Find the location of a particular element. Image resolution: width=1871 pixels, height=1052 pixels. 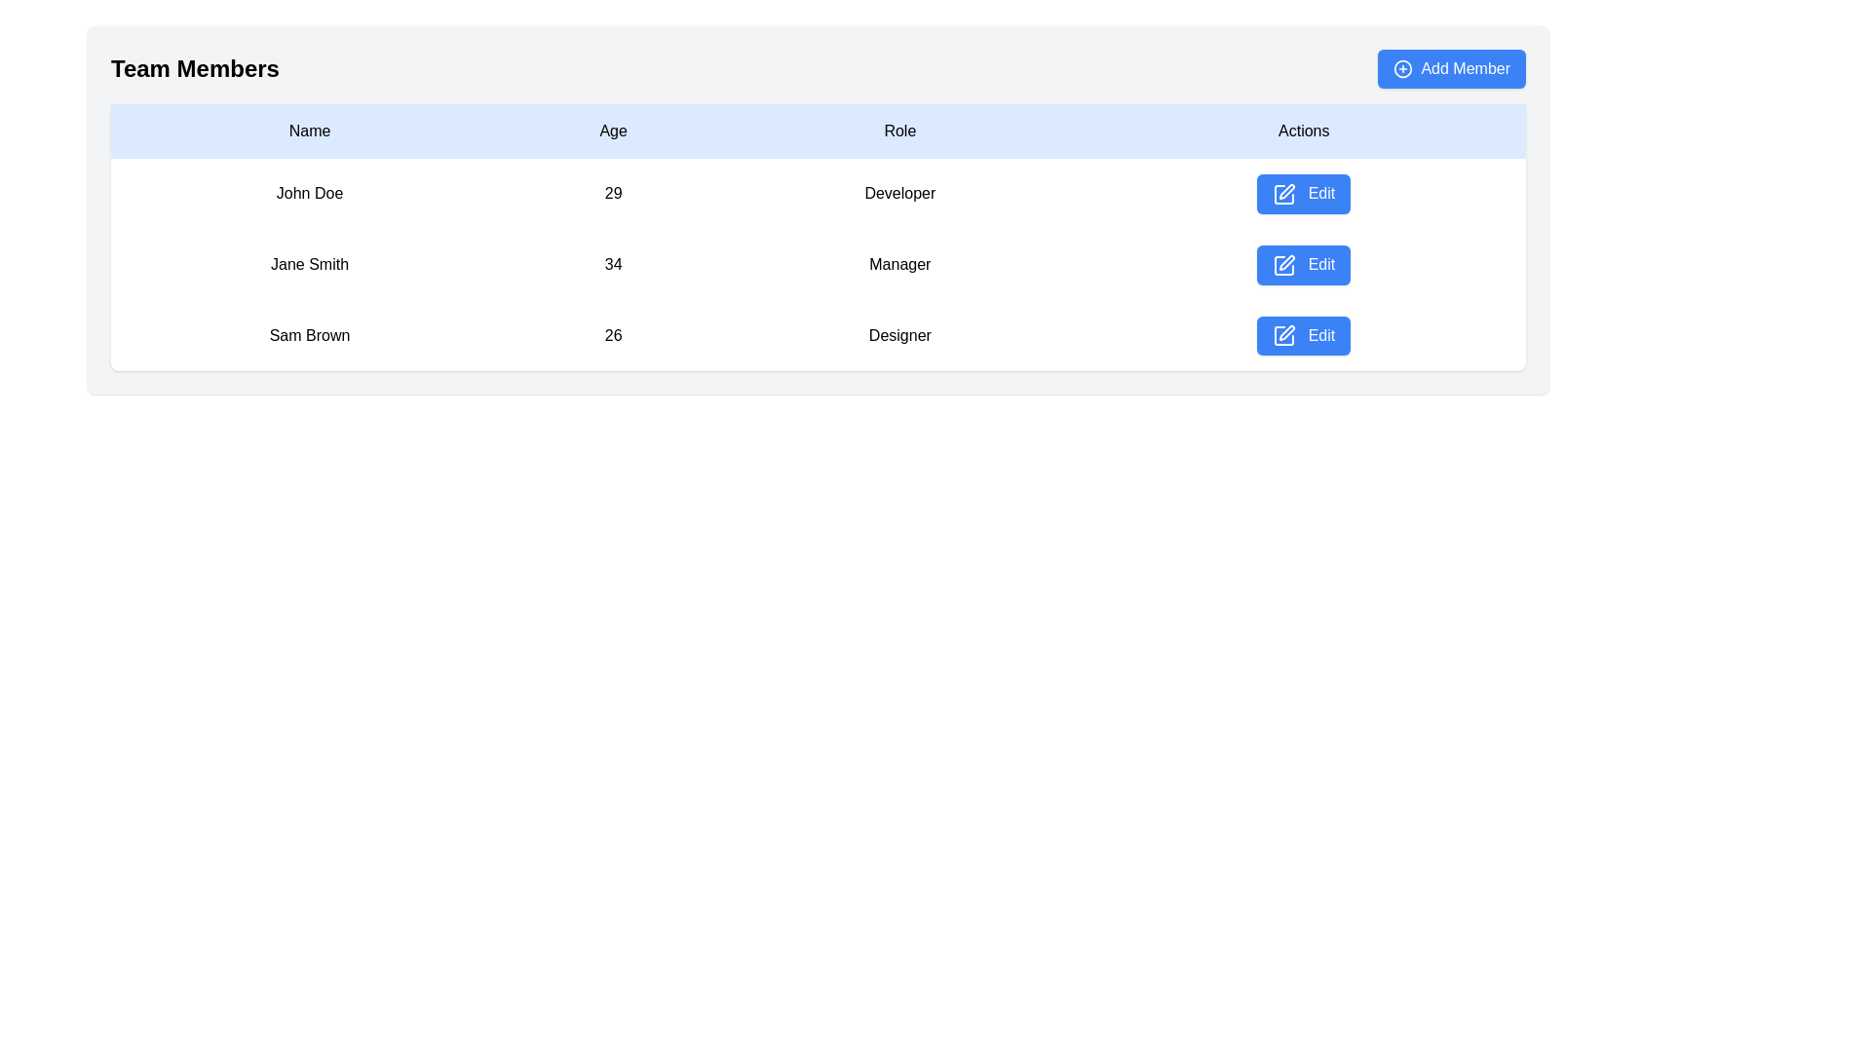

the tabular row containing the information for 'Sam Brown', aged 26, with the role 'Designer', which includes an 'Edit' button is located at coordinates (819, 333).